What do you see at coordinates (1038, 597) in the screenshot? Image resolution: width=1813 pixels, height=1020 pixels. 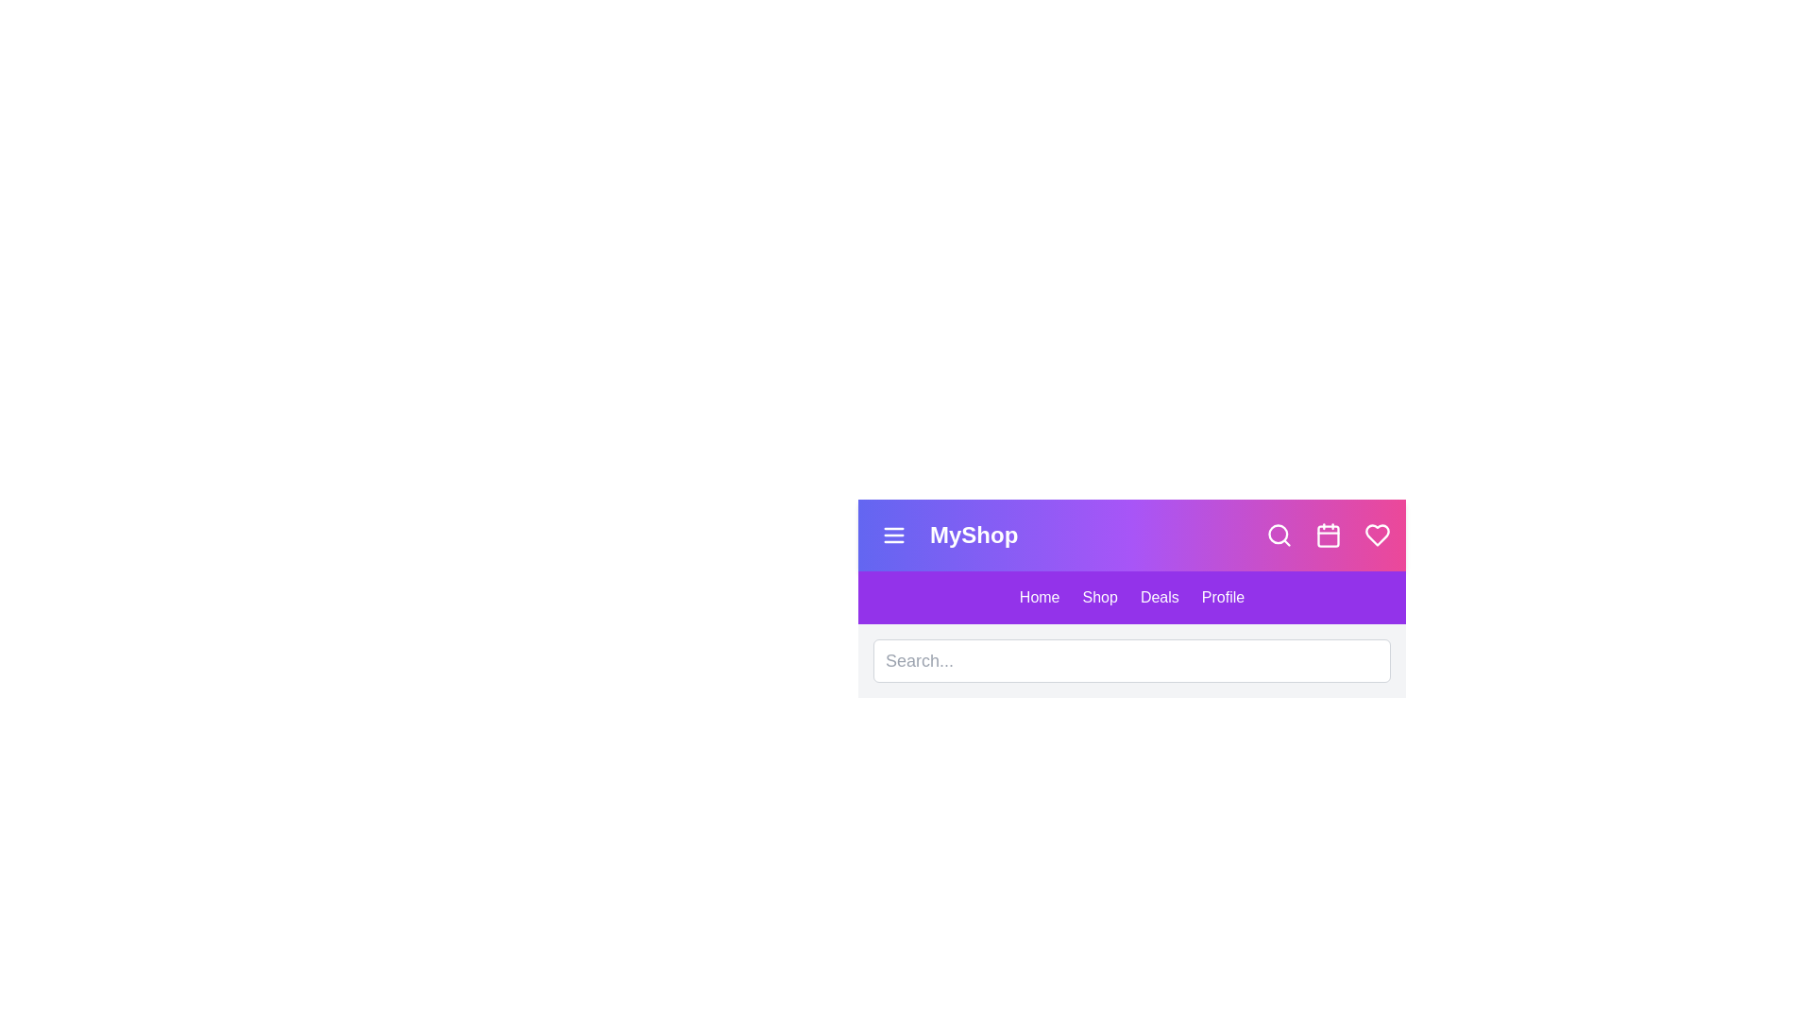 I see `the navigation link labeled Home to navigate to the corresponding section` at bounding box center [1038, 597].